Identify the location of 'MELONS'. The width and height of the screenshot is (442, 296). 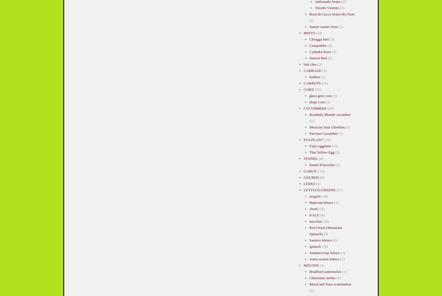
(311, 265).